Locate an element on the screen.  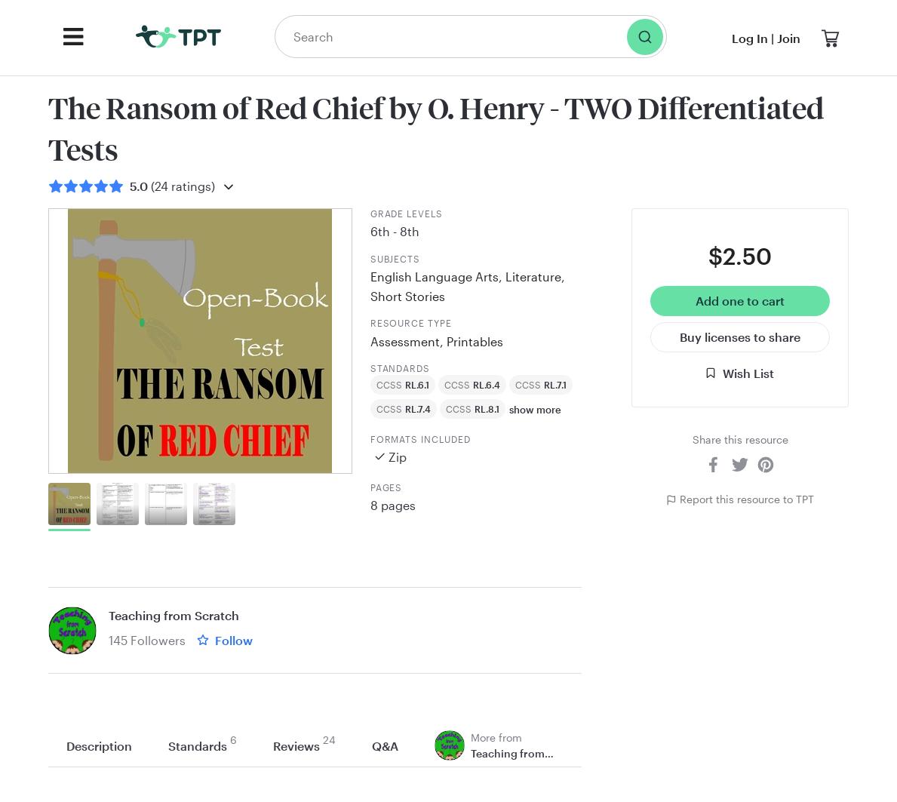
'Log In' is located at coordinates (731, 38).